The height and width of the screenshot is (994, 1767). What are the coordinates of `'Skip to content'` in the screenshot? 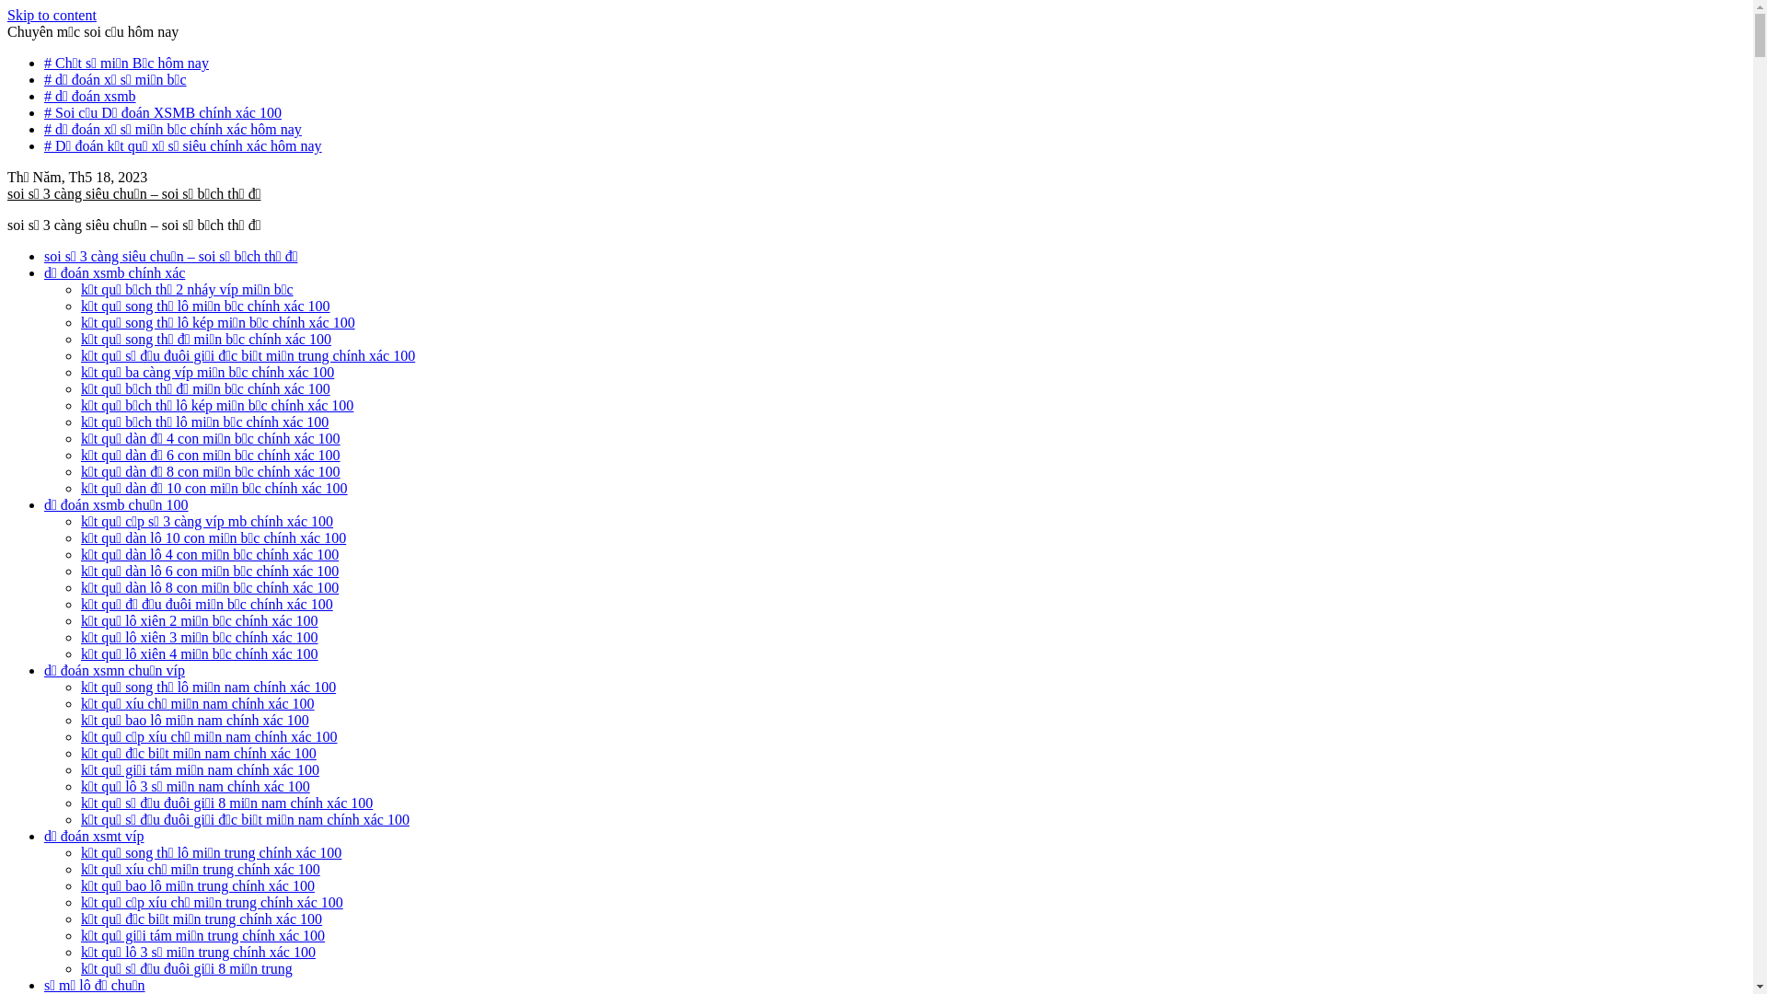 It's located at (7, 15).